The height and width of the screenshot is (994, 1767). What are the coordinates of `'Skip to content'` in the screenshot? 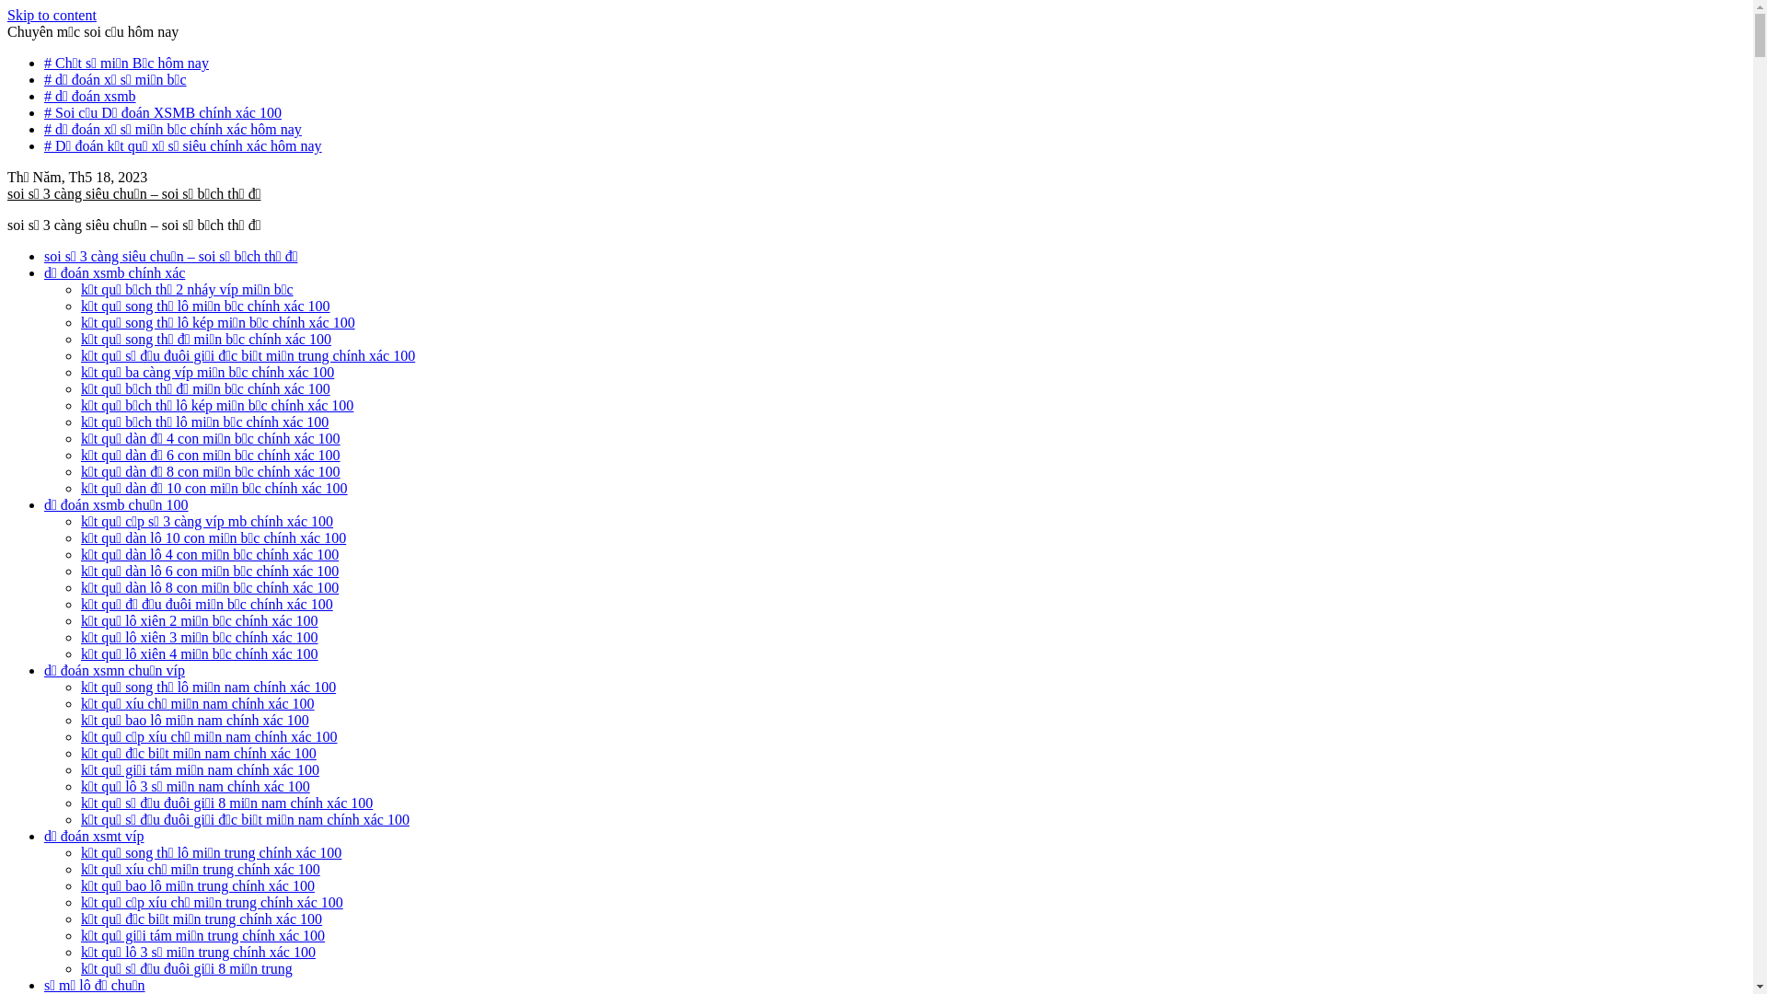 It's located at (7, 15).